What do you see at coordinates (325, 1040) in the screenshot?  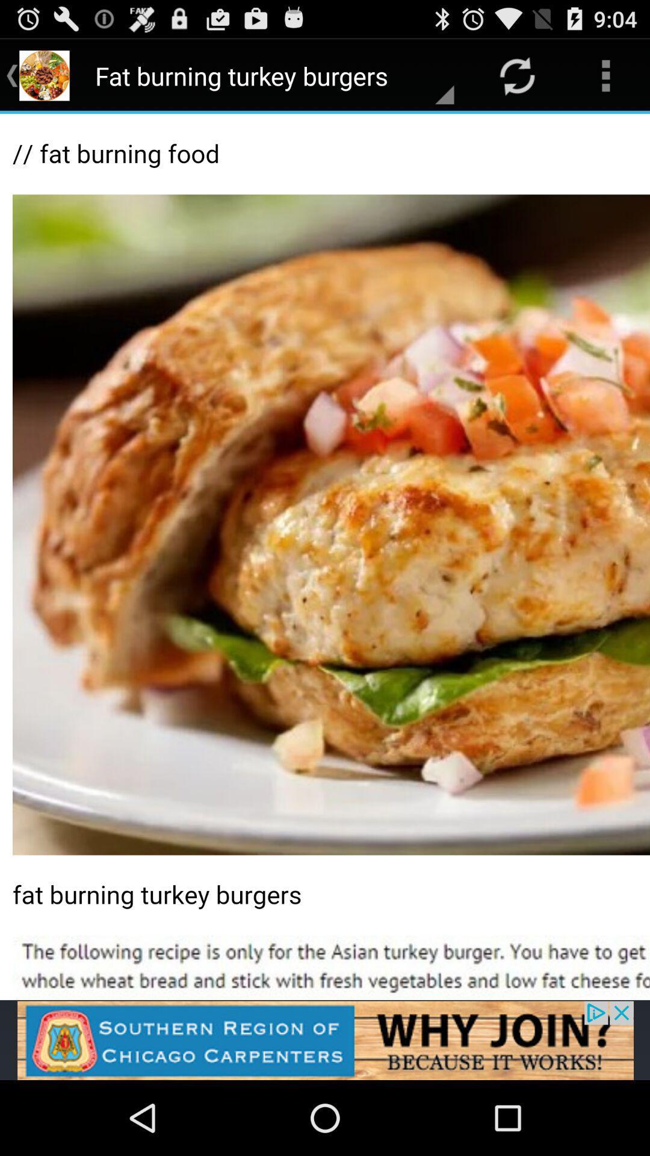 I see `advertisement` at bounding box center [325, 1040].